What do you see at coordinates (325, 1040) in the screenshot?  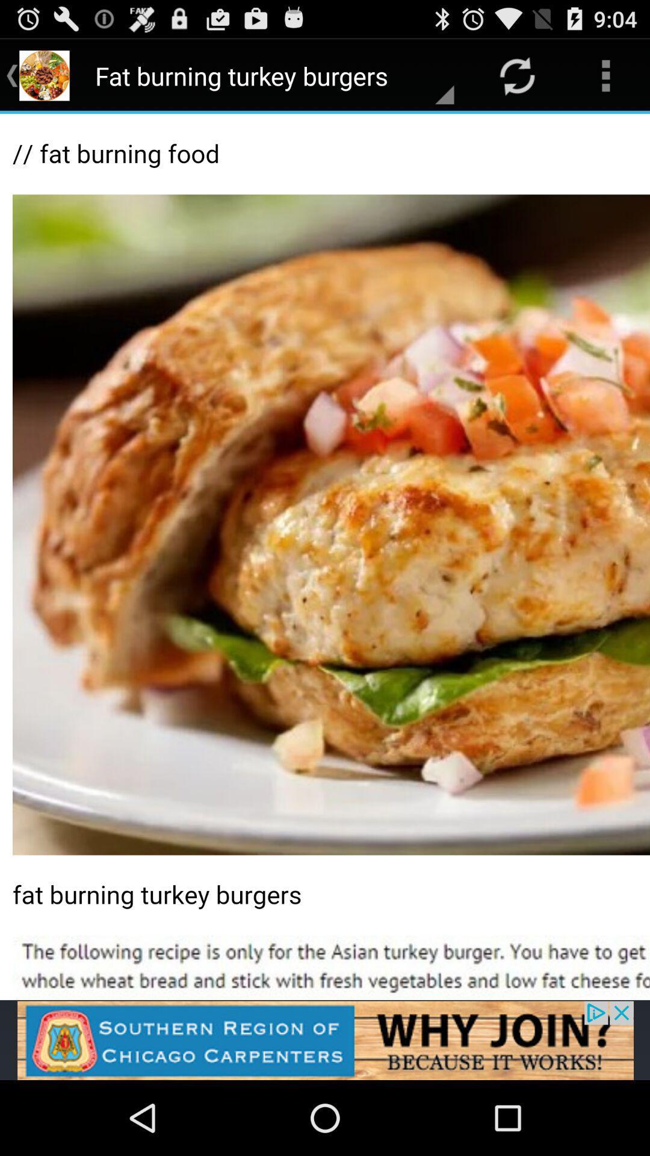 I see `advertisement` at bounding box center [325, 1040].